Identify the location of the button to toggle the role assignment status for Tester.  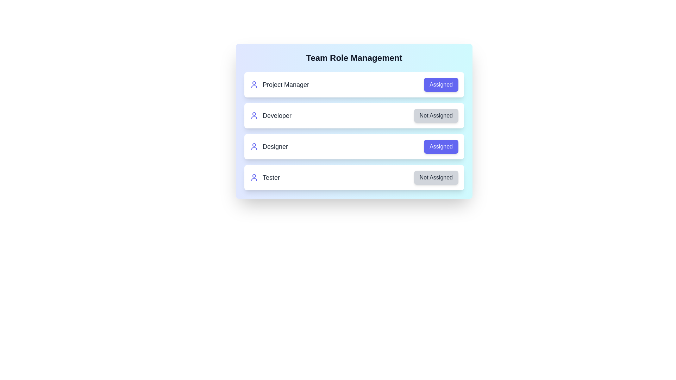
(436, 177).